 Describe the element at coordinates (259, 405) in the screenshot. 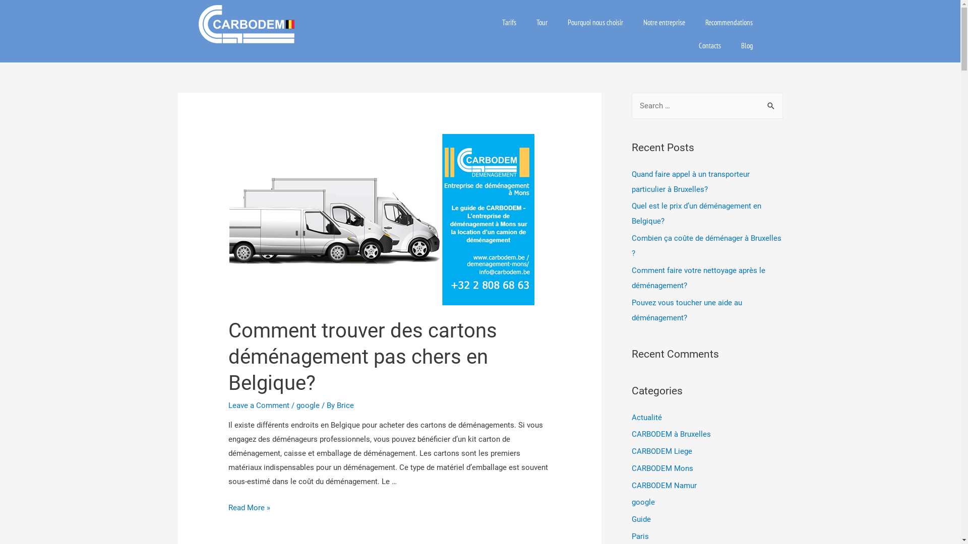

I see `'Leave a Comment'` at that location.